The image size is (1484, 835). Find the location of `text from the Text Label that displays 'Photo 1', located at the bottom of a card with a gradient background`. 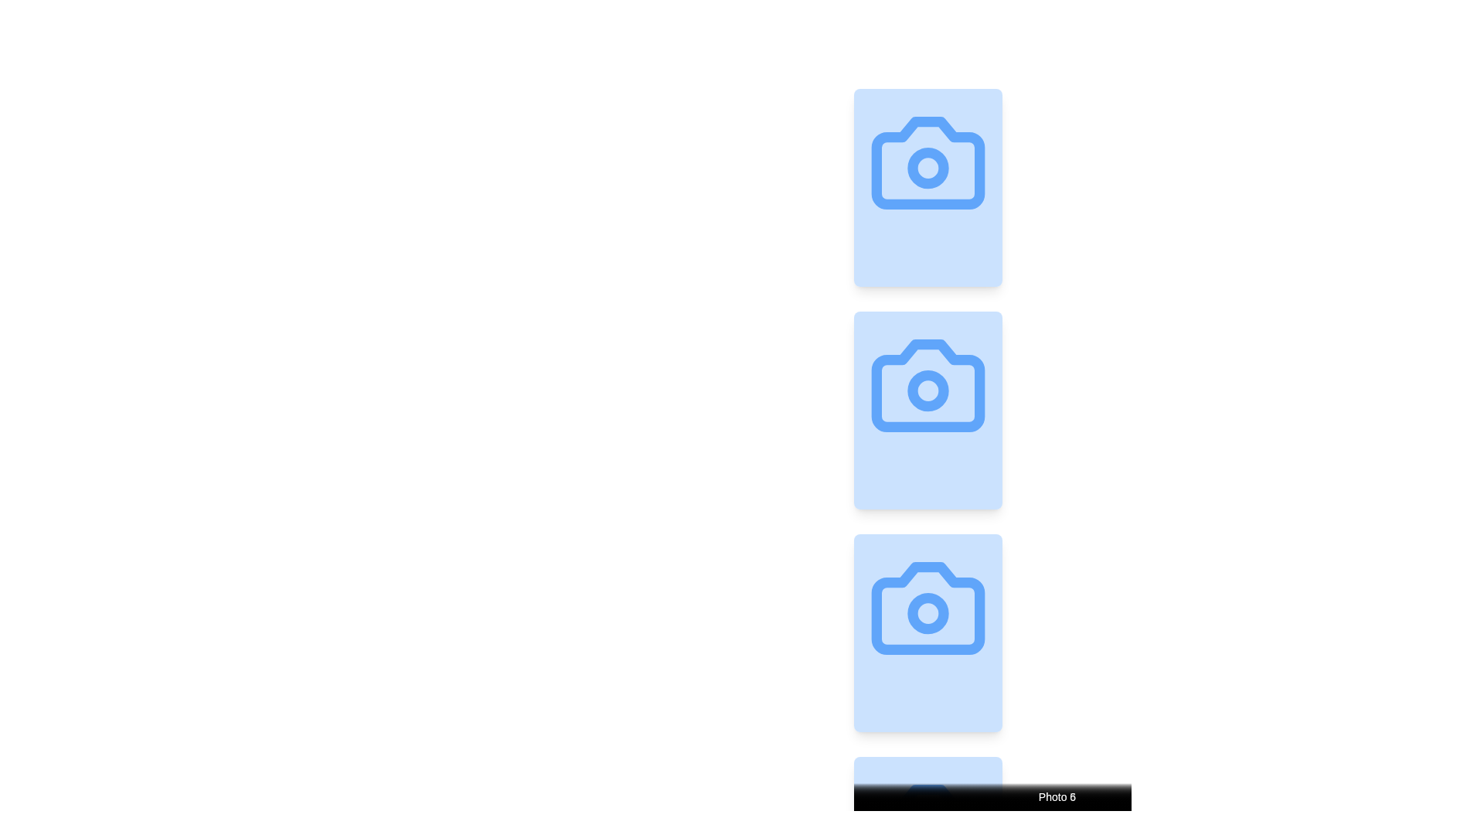

text from the Text Label that displays 'Photo 1', located at the bottom of a card with a gradient background is located at coordinates (1057, 796).